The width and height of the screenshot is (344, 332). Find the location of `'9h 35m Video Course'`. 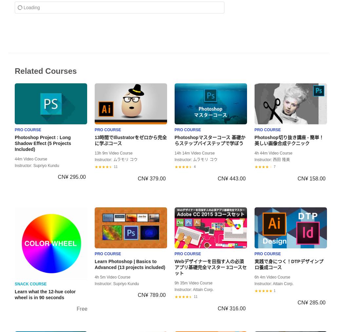

'9h 35m Video Course' is located at coordinates (193, 282).